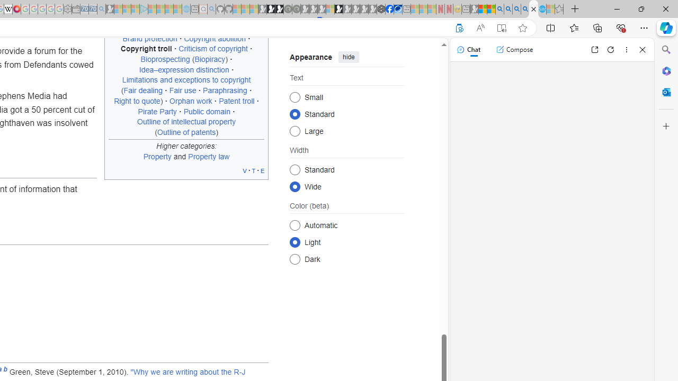 The width and height of the screenshot is (678, 381). Describe the element at coordinates (157, 111) in the screenshot. I see `'Pirate Party'` at that location.